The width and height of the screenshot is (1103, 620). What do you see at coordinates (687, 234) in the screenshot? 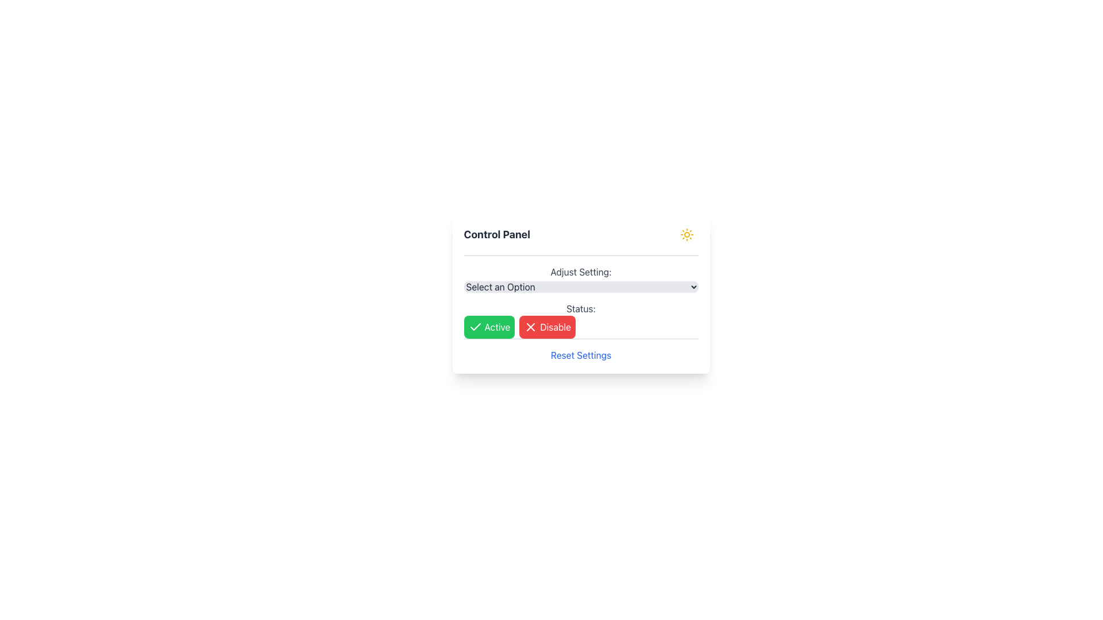
I see `the circular button with a sun icon located at the top right corner of the 'Control Panel' section, next` at bounding box center [687, 234].